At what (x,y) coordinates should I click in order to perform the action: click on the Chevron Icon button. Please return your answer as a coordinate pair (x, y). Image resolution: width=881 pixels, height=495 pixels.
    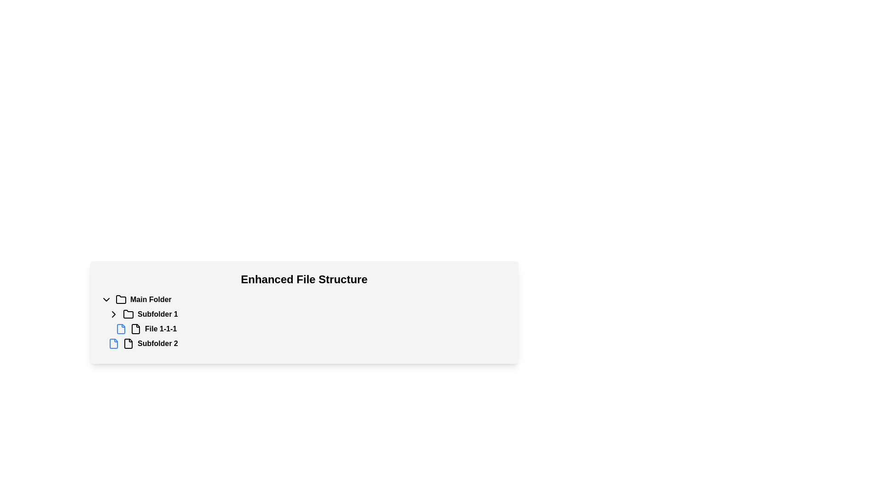
    Looking at the image, I should click on (113, 314).